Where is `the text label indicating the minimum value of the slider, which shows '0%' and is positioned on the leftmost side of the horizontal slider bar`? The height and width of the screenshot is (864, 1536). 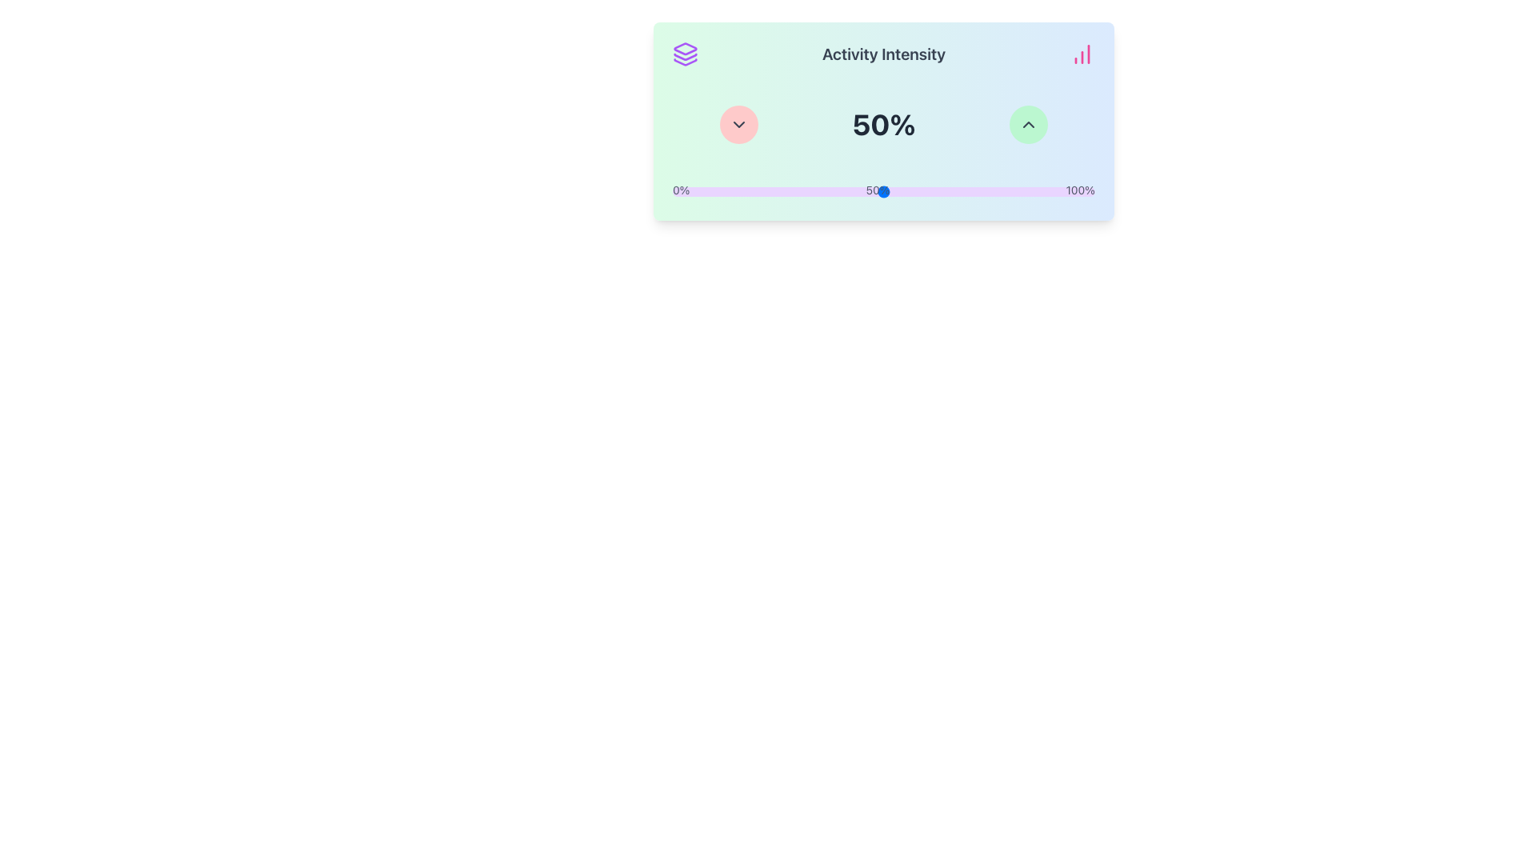
the text label indicating the minimum value of the slider, which shows '0%' and is positioned on the leftmost side of the horizontal slider bar is located at coordinates (681, 190).